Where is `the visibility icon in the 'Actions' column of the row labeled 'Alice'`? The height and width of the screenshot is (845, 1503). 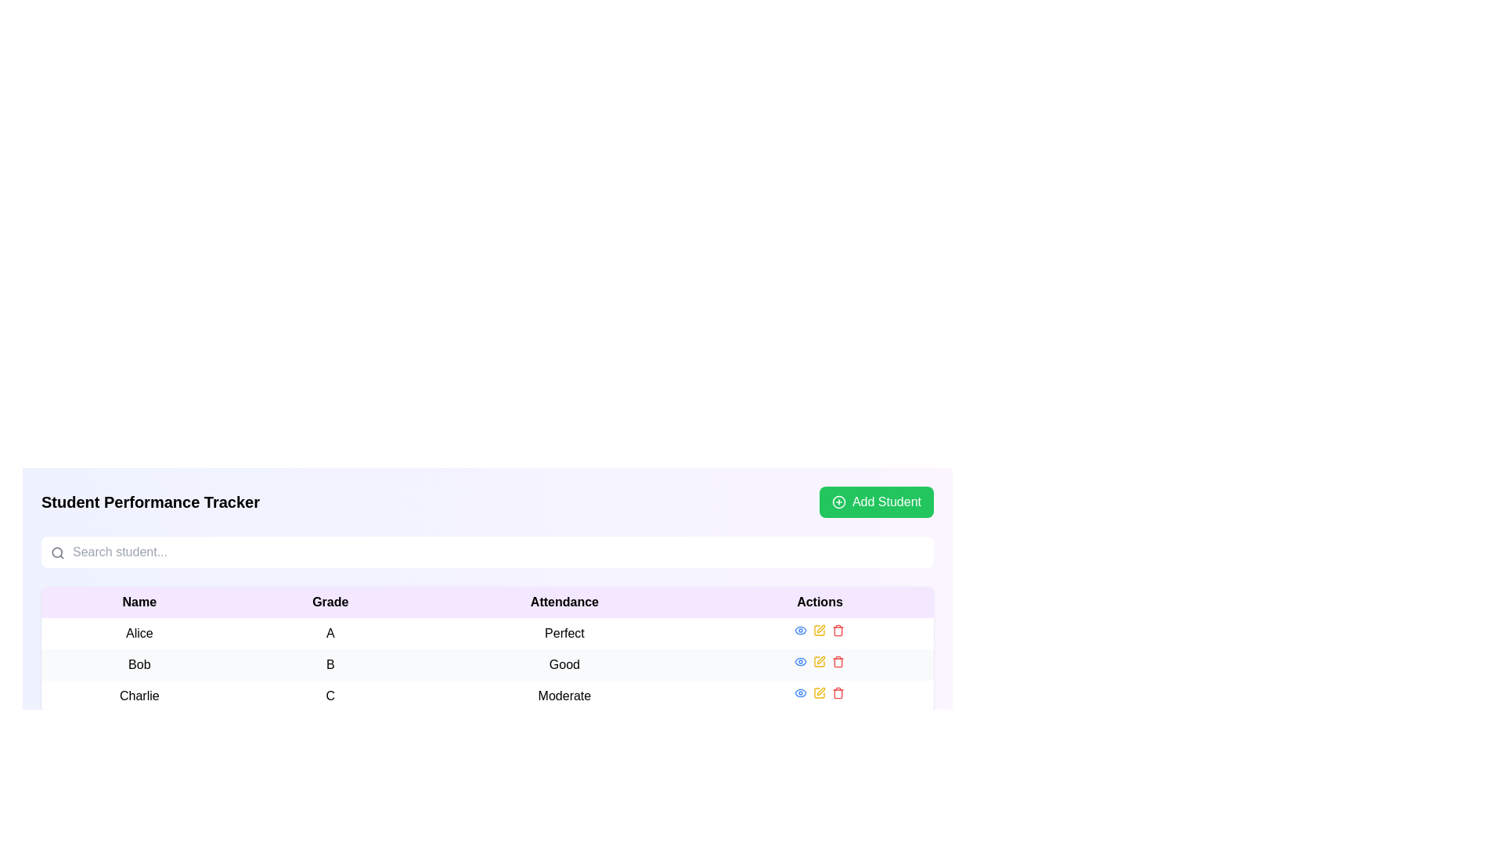
the visibility icon in the 'Actions' column of the row labeled 'Alice' is located at coordinates (801, 661).